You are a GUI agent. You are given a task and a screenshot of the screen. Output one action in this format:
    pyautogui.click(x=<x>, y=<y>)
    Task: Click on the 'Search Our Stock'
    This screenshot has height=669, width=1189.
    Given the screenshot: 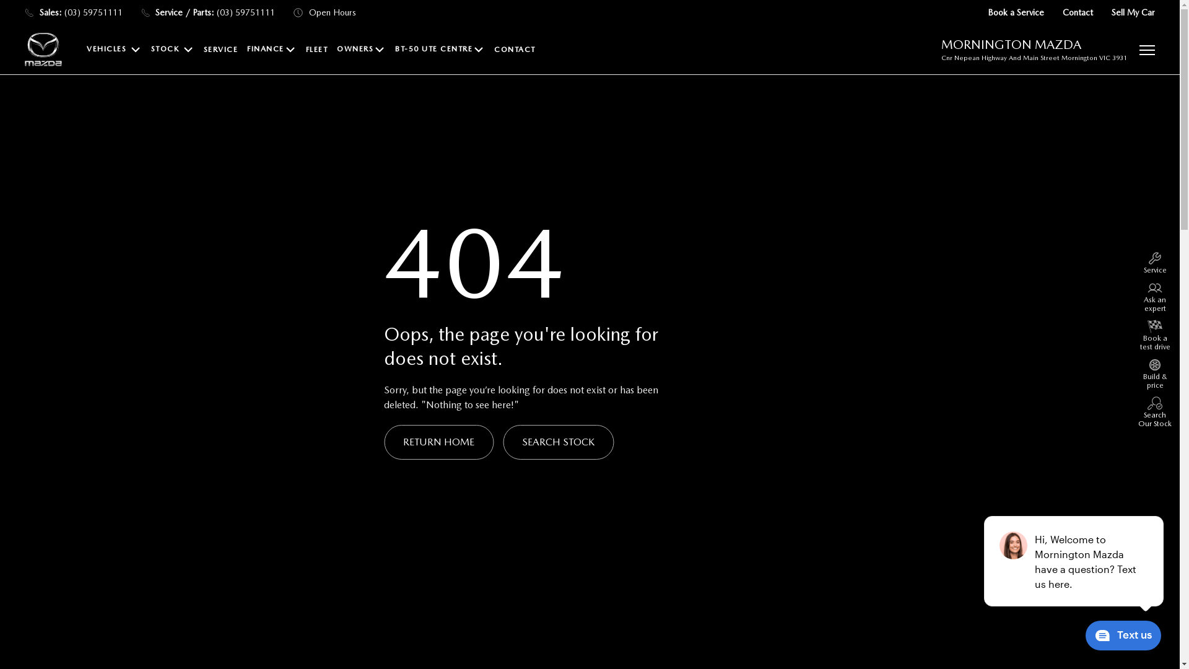 What is the action you would take?
    pyautogui.click(x=1138, y=411)
    